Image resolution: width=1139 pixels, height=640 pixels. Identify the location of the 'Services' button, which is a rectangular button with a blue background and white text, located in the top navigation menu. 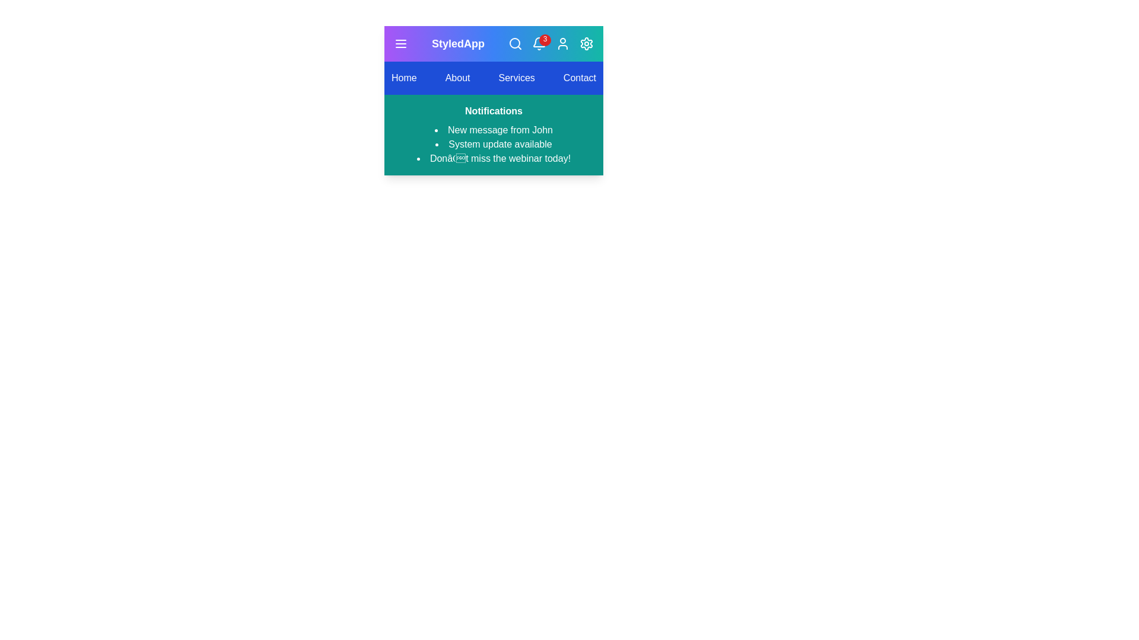
(517, 78).